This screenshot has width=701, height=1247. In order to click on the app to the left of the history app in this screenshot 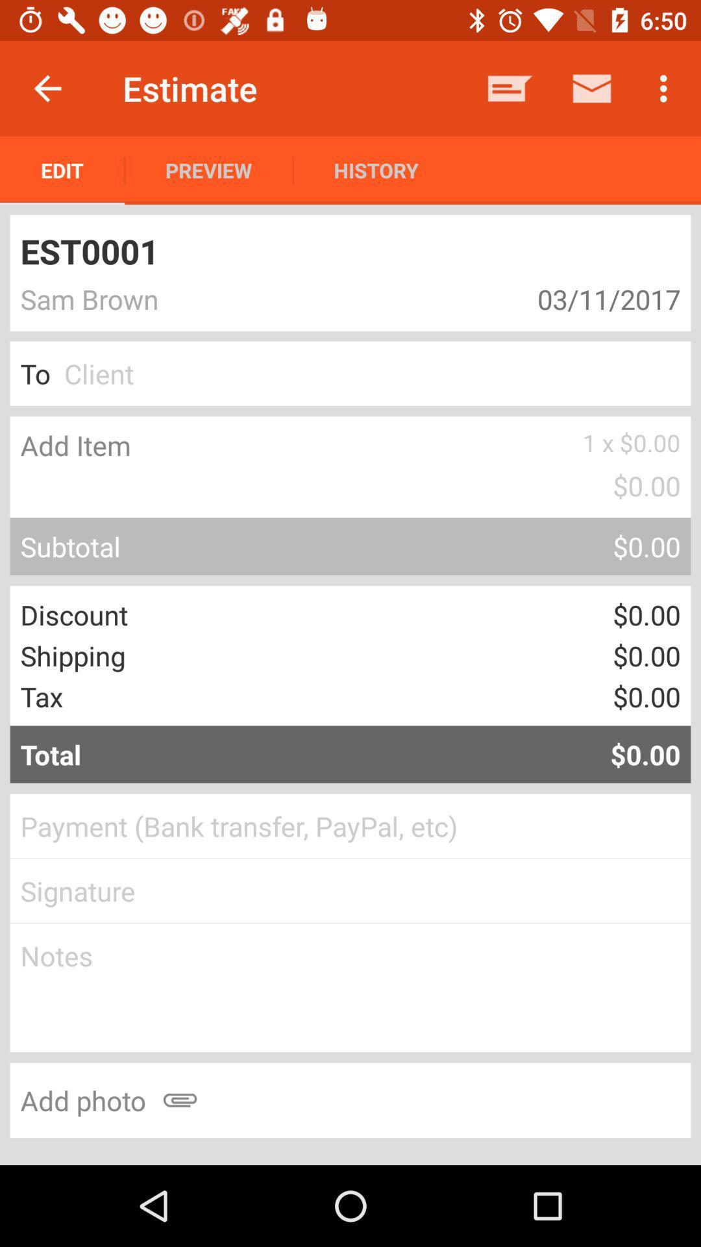, I will do `click(208, 170)`.